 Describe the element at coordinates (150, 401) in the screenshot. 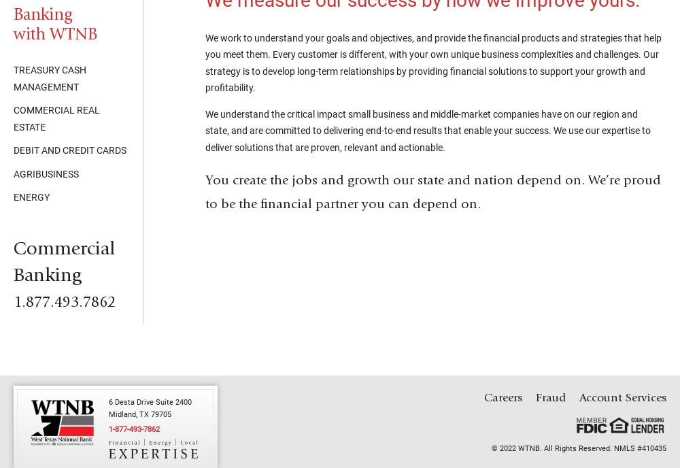

I see `'6 Desta Drive Suite 2400'` at that location.